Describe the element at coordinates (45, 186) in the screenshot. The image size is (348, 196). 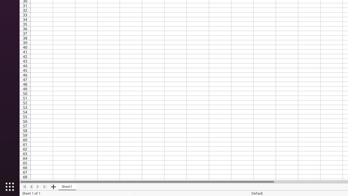
I see `'Move To End'` at that location.